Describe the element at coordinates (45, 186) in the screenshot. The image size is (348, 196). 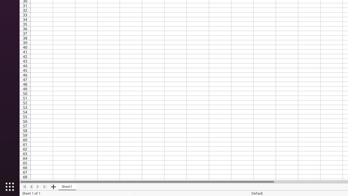
I see `'Move To End'` at that location.